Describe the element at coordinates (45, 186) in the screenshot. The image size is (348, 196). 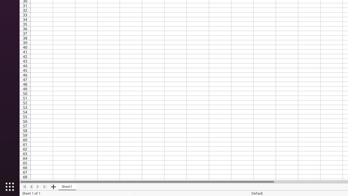
I see `'Move To End'` at that location.